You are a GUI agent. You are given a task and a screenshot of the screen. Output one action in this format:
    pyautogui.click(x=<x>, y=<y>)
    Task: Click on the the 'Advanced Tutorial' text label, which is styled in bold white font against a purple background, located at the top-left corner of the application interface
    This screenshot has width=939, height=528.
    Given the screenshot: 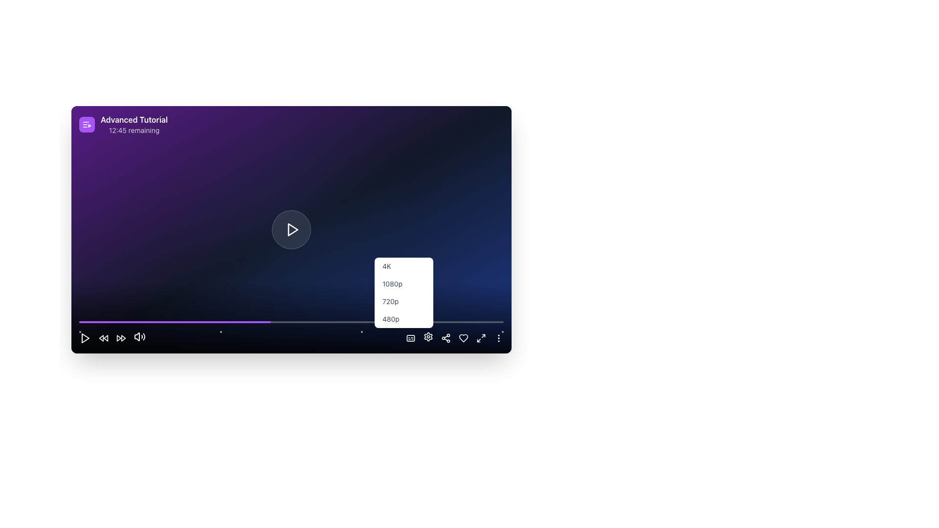 What is the action you would take?
    pyautogui.click(x=134, y=119)
    